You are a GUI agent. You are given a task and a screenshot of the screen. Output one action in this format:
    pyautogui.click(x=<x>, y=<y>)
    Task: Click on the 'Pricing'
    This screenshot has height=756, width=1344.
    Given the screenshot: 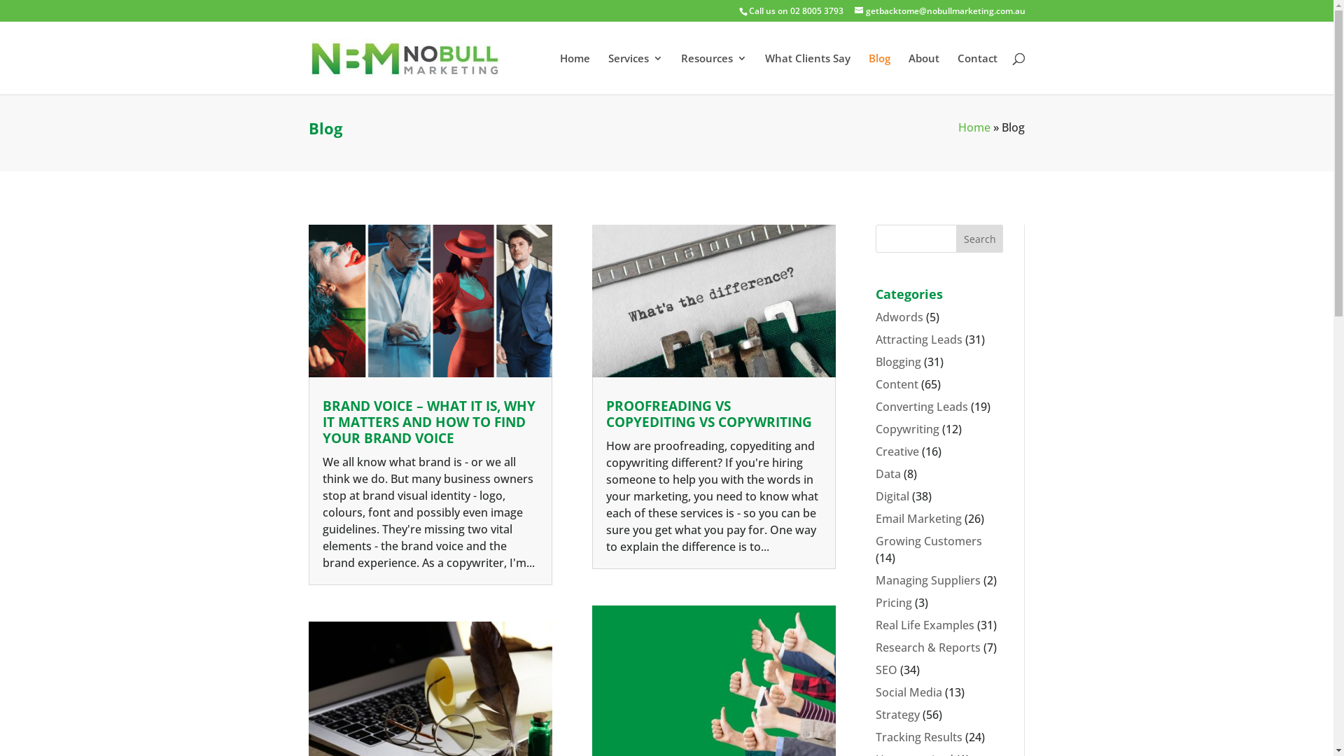 What is the action you would take?
    pyautogui.click(x=892, y=601)
    